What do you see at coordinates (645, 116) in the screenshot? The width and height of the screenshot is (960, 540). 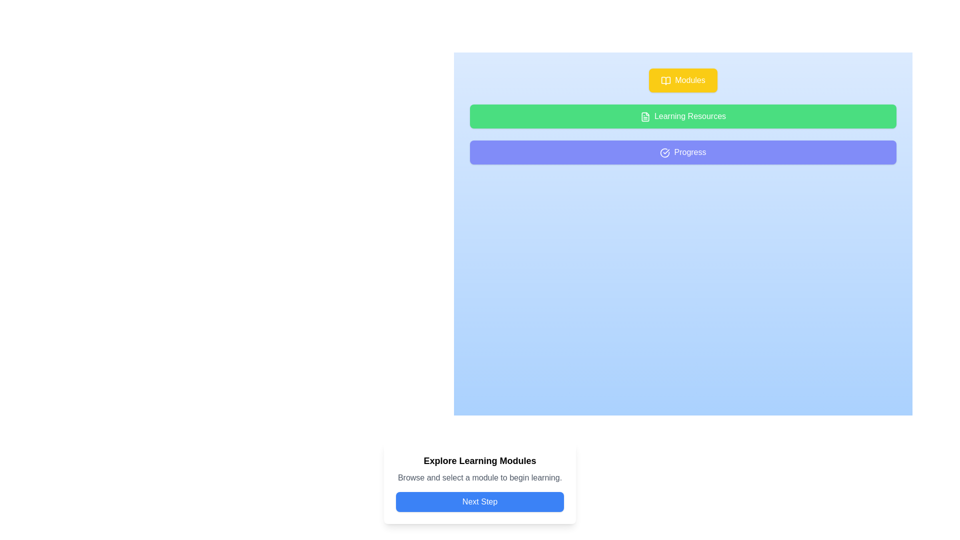 I see `the icon resembling a document or file, which is located` at bounding box center [645, 116].